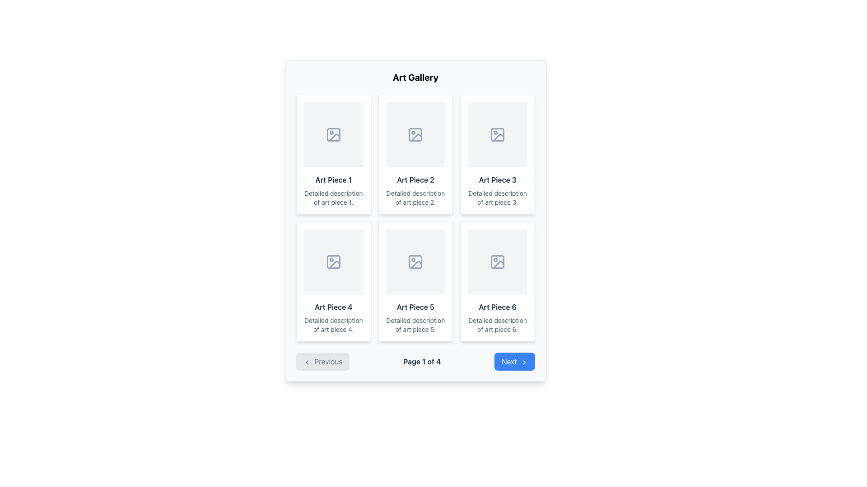 This screenshot has width=867, height=487. Describe the element at coordinates (416, 138) in the screenshot. I see `icon representing 'Art Piece 2' located in the second card of the top row in the gallery grid` at that location.